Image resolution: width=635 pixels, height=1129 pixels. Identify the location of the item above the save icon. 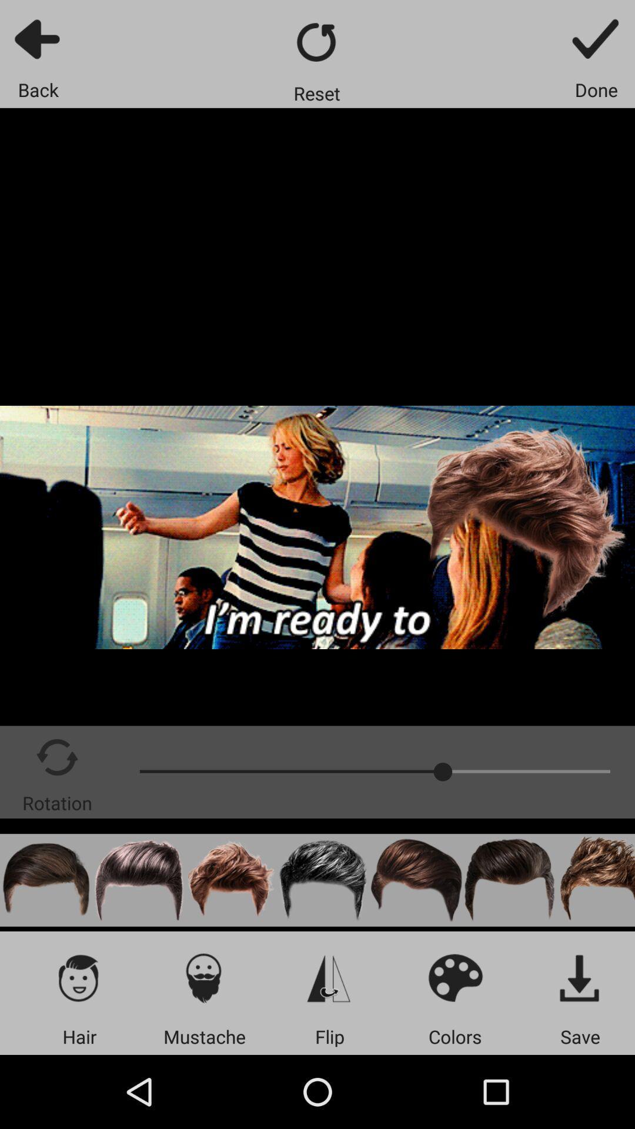
(580, 977).